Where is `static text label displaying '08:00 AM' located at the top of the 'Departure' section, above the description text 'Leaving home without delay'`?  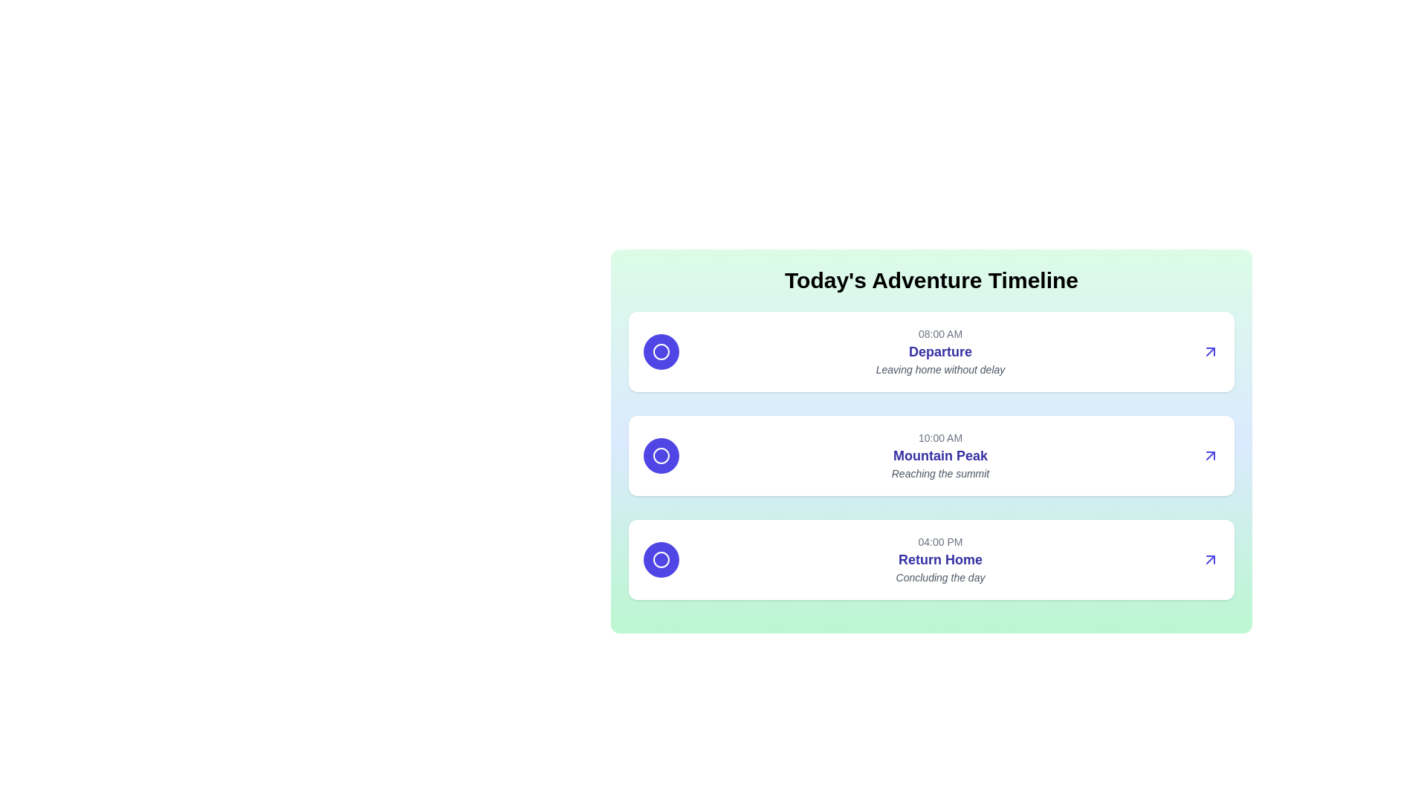 static text label displaying '08:00 AM' located at the top of the 'Departure' section, above the description text 'Leaving home without delay' is located at coordinates (939, 334).